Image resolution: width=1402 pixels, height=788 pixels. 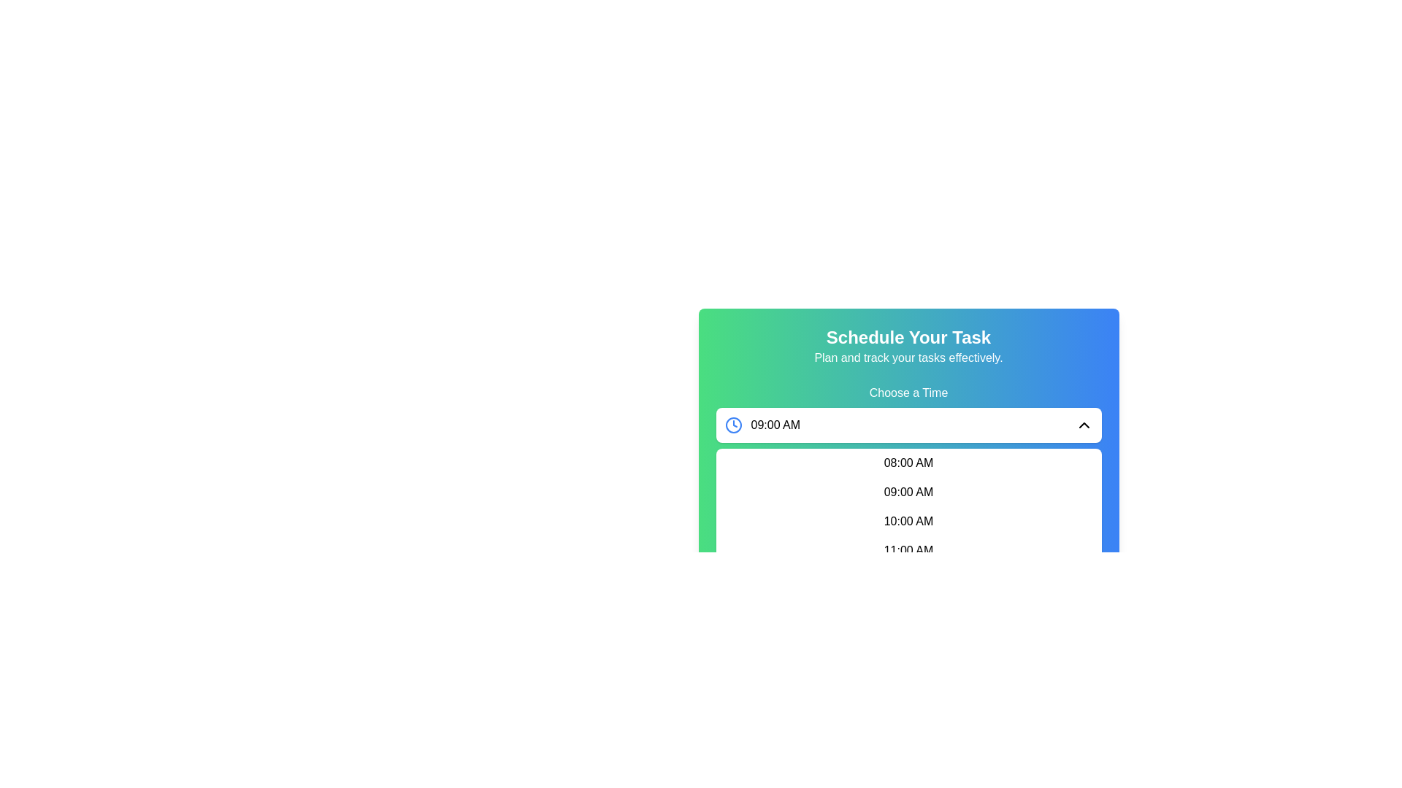 I want to click on the dropdown menu located below the title 'Schedule Your Task' and above the list of time options, so click(x=908, y=422).